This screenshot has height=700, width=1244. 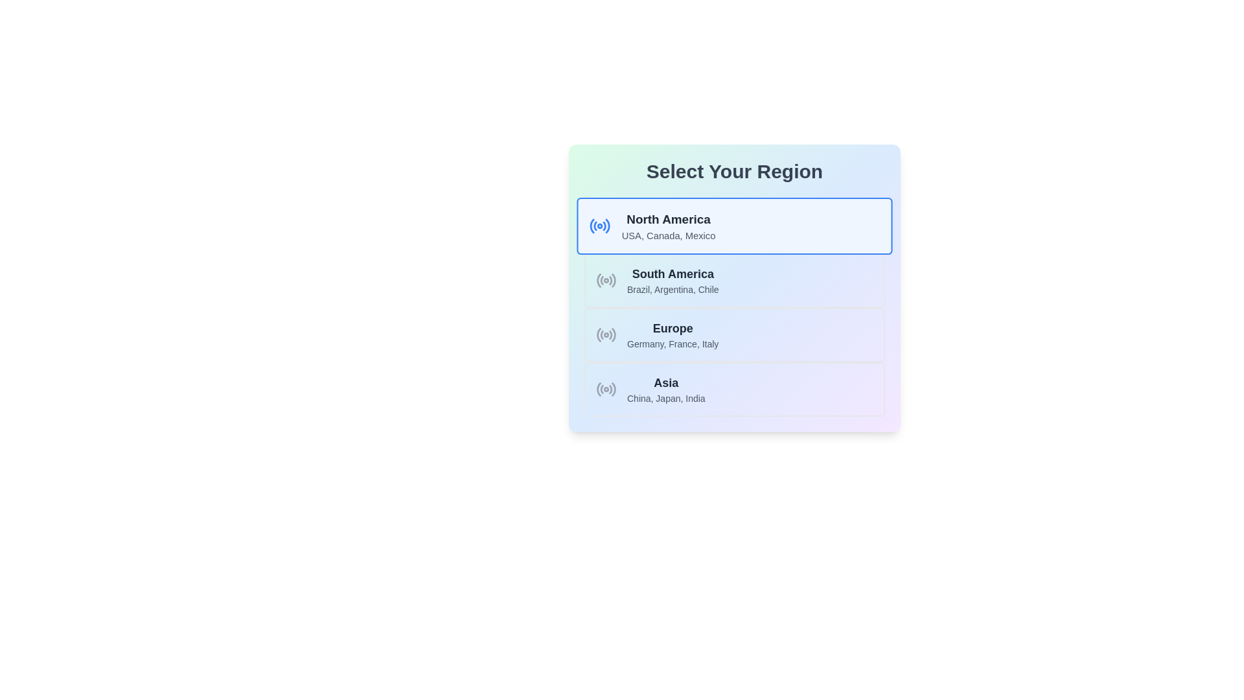 What do you see at coordinates (606, 389) in the screenshot?
I see `the circular radio button styled icon located to the left of the text 'Asia' in the fourth row of the 'Select Your Region' section` at bounding box center [606, 389].